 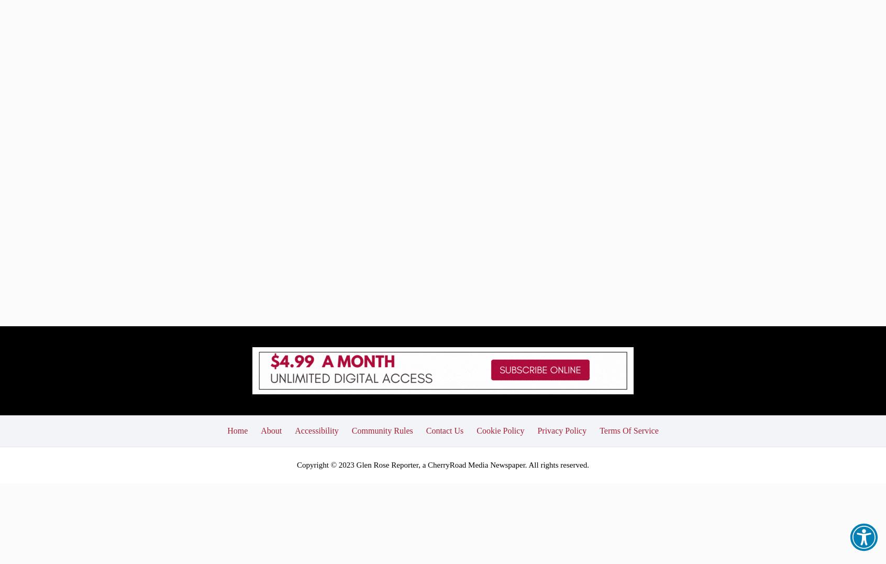 I want to click on 'Contact Us', so click(x=444, y=353).